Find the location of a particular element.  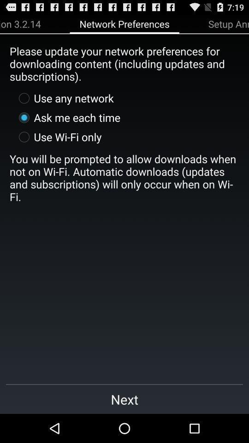

the icon at the top right corner is located at coordinates (228, 23).